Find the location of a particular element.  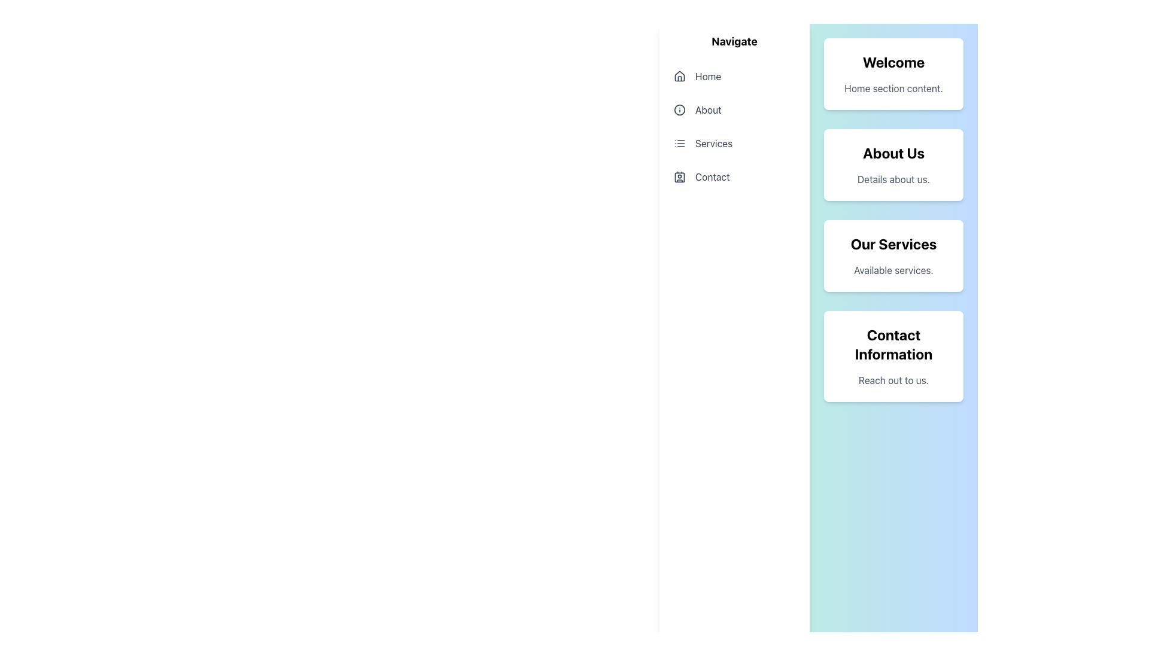

supplementary text located in the 'Contact Information' section, just below the bolded 'Contact Information' header in the rectangular card at the bottom of the rightmost column is located at coordinates (893, 380).